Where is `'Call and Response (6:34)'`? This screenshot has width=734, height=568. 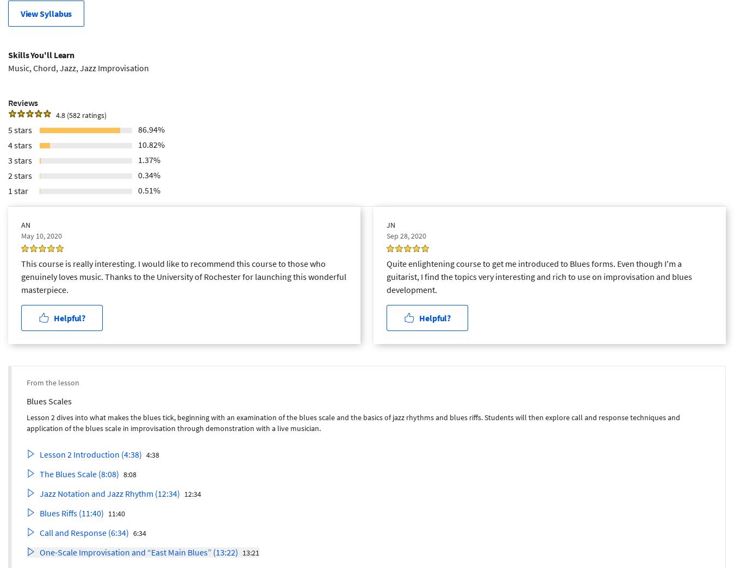
'Call and Response (6:34)' is located at coordinates (84, 531).